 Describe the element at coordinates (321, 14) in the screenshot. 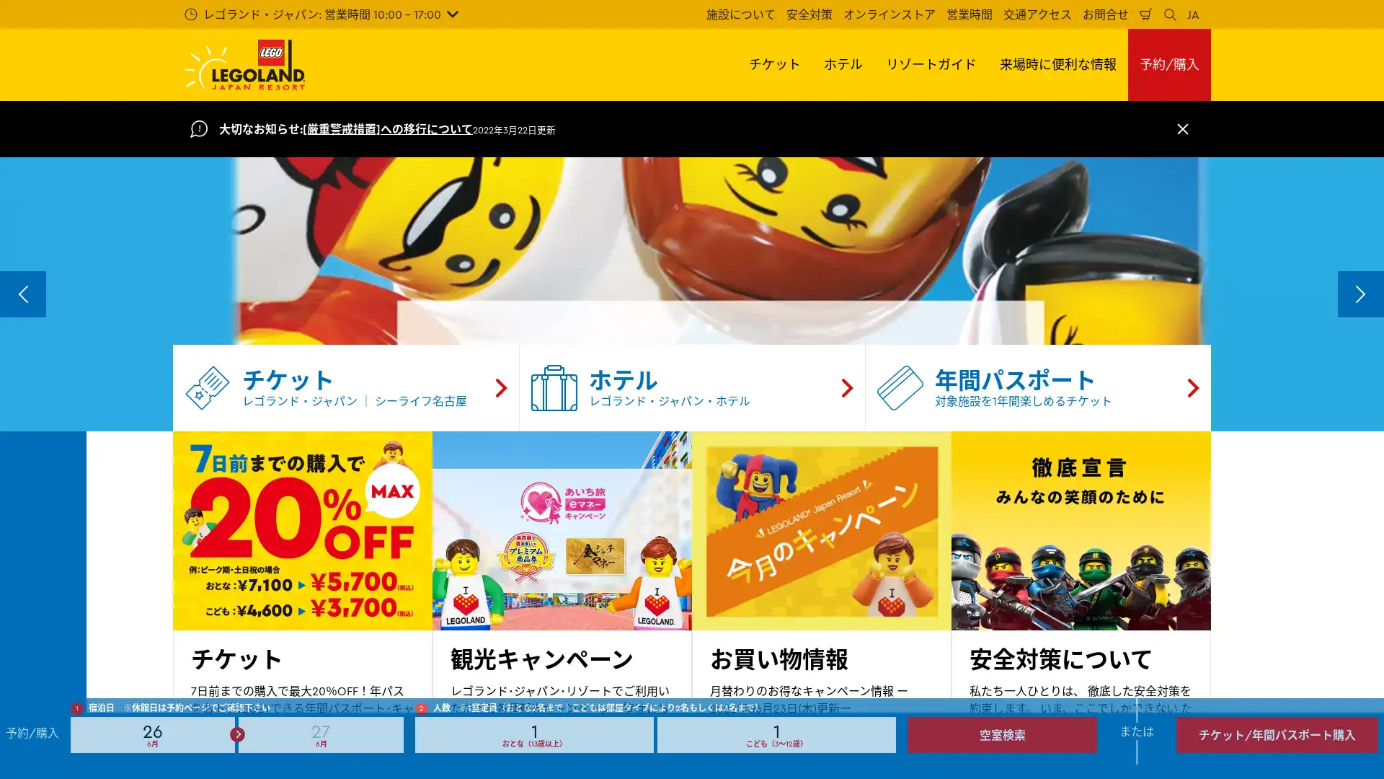

I see `:  10:00 - 17:00` at that location.